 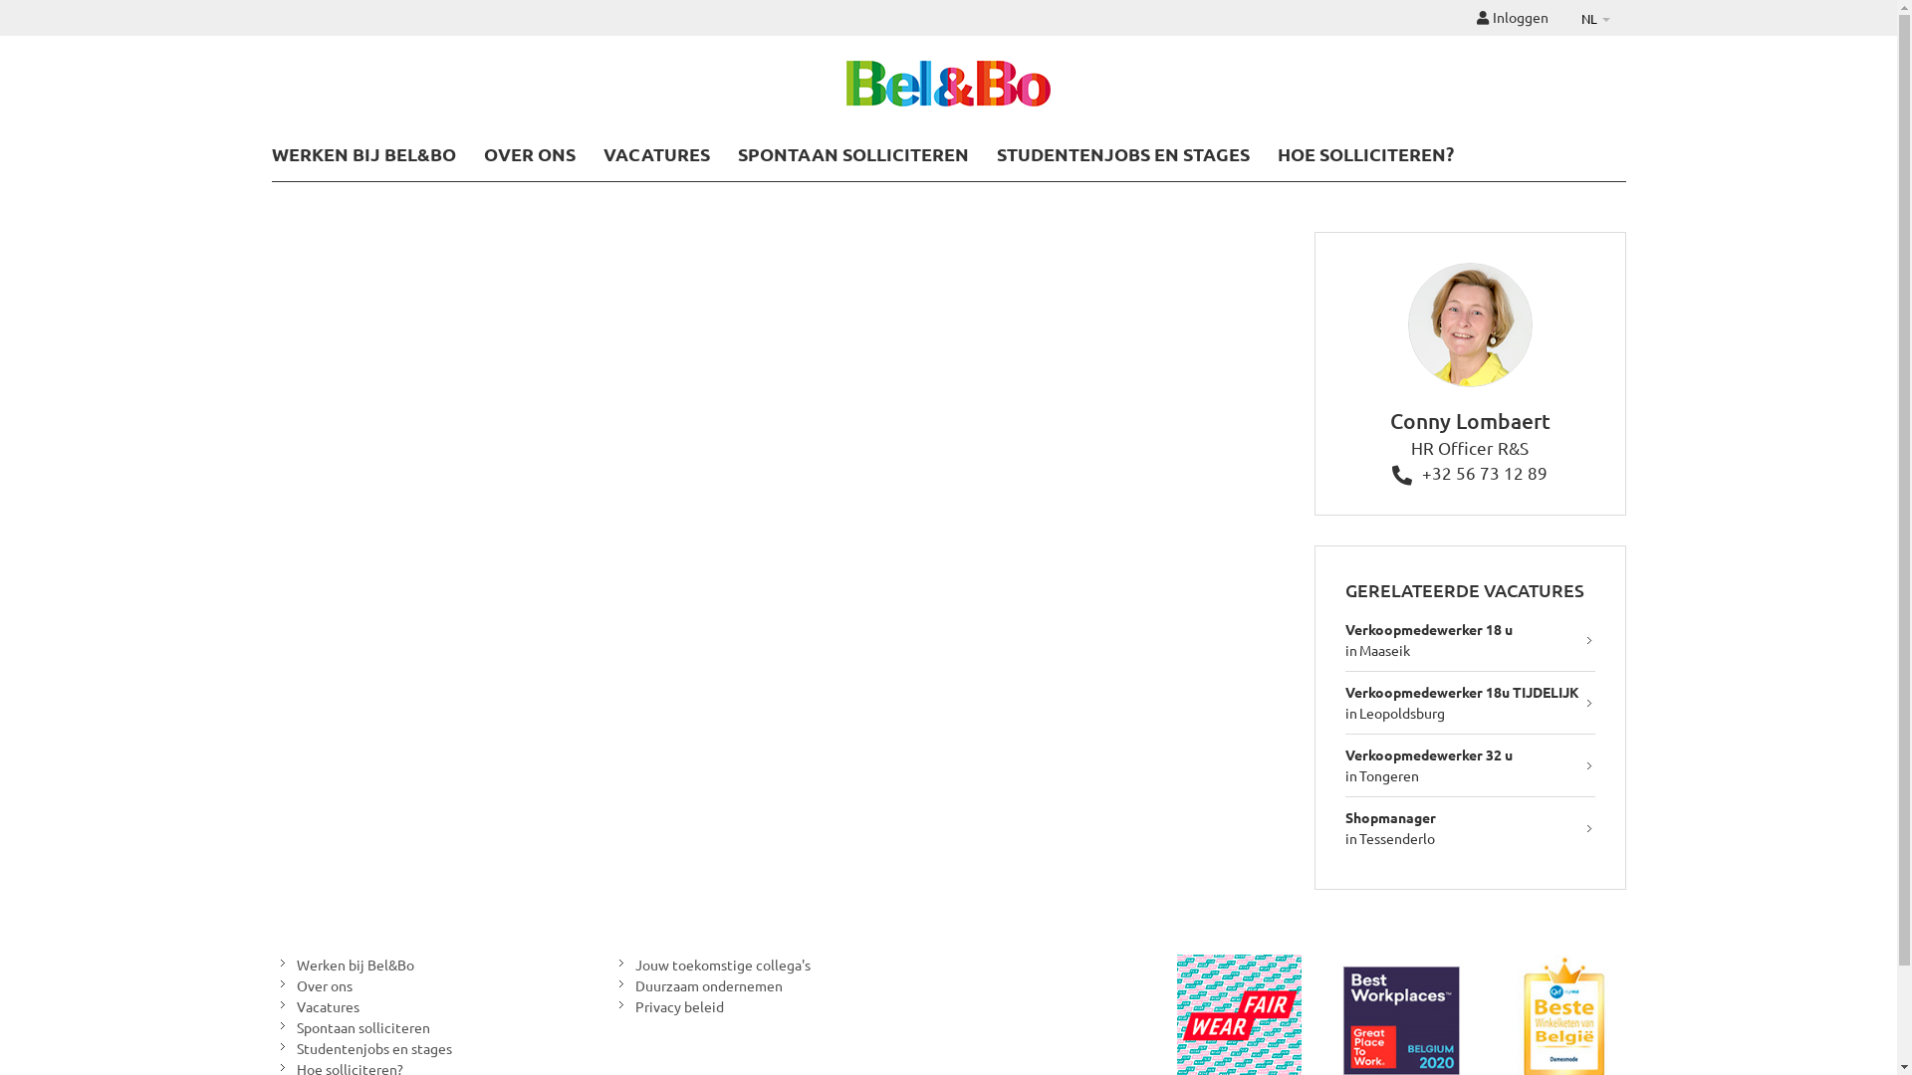 I want to click on 'Verkoopmedewerker 18u TIJDELIJK', so click(x=1344, y=690).